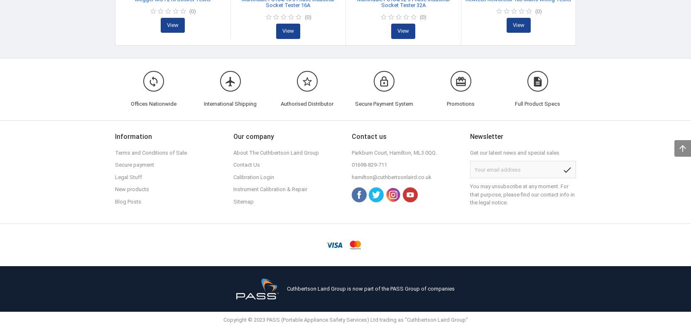 The image size is (691, 330). I want to click on 'New products', so click(131, 189).